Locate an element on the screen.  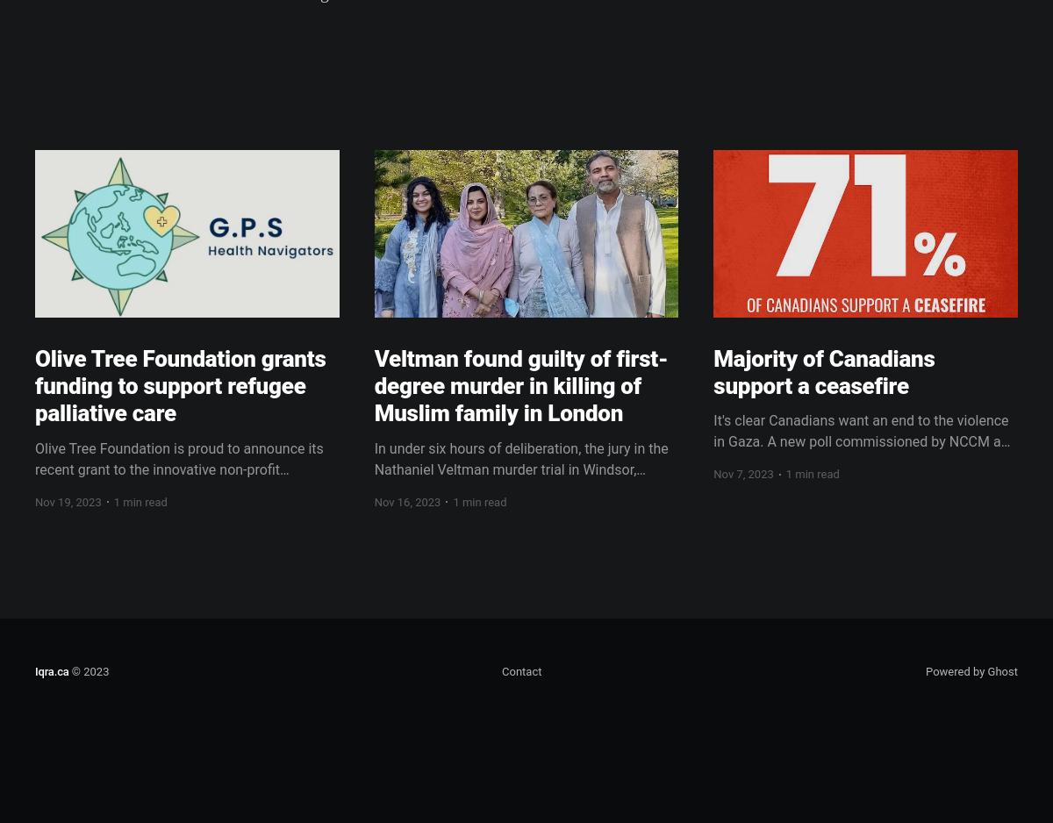
'In under six hours of deliberation, the jury in the Nathaniel Veltman murder trial in Windsor, Ontario, has delivered a verdict of guilt on charges of first-degree murder and attempted murder in connection to the 2021 truck attack on a Muslim family in London.

The 12-member jury, engaged in deliberations' is located at coordinates (374, 510).